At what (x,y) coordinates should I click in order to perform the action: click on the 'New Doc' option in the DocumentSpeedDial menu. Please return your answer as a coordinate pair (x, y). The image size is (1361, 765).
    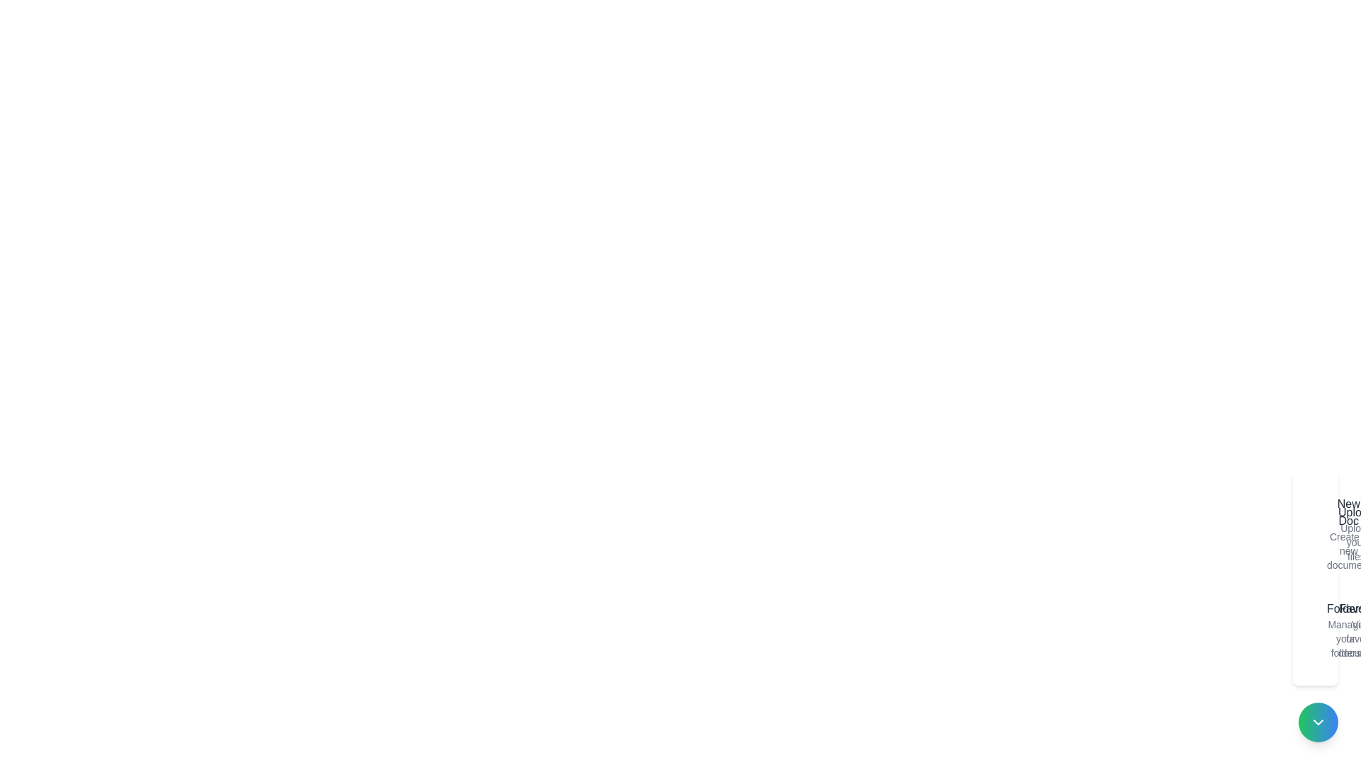
    Looking at the image, I should click on (1318, 533).